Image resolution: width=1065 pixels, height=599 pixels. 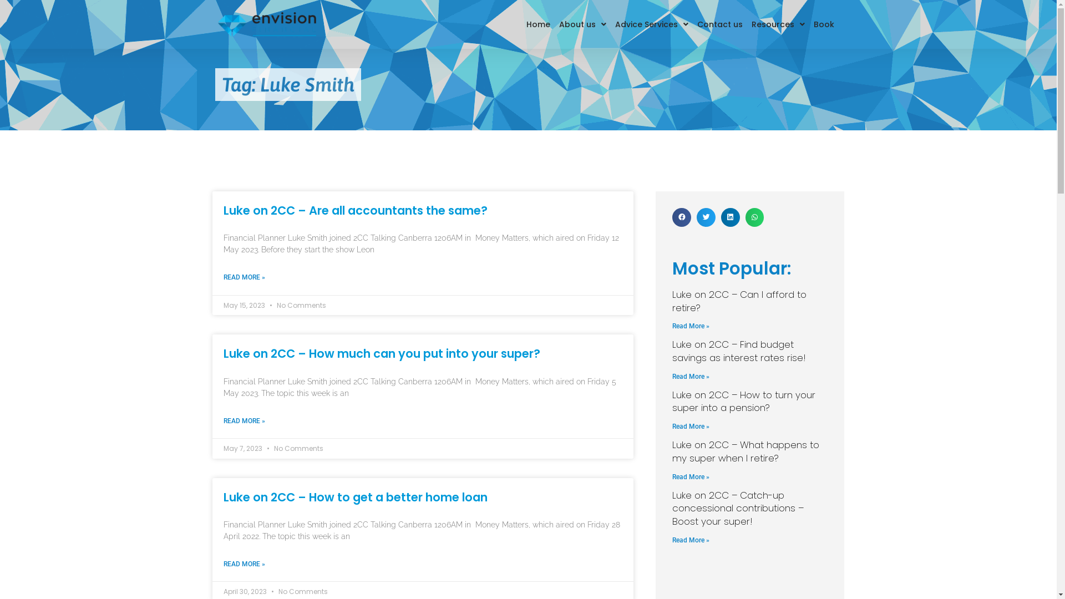 What do you see at coordinates (777, 24) in the screenshot?
I see `'Resources'` at bounding box center [777, 24].